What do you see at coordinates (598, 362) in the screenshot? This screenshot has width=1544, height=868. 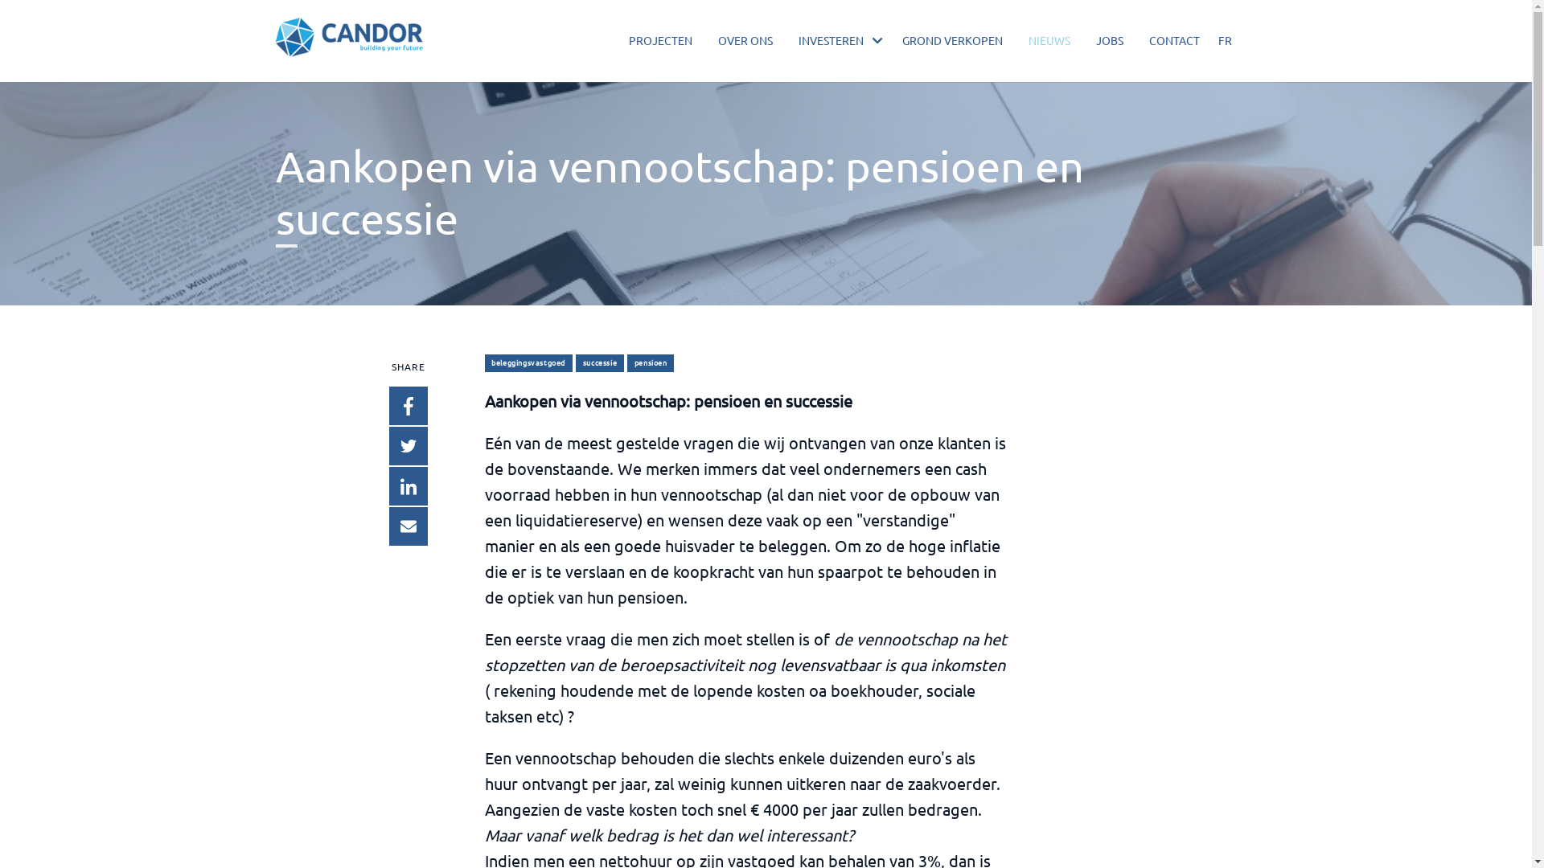 I see `'successie'` at bounding box center [598, 362].